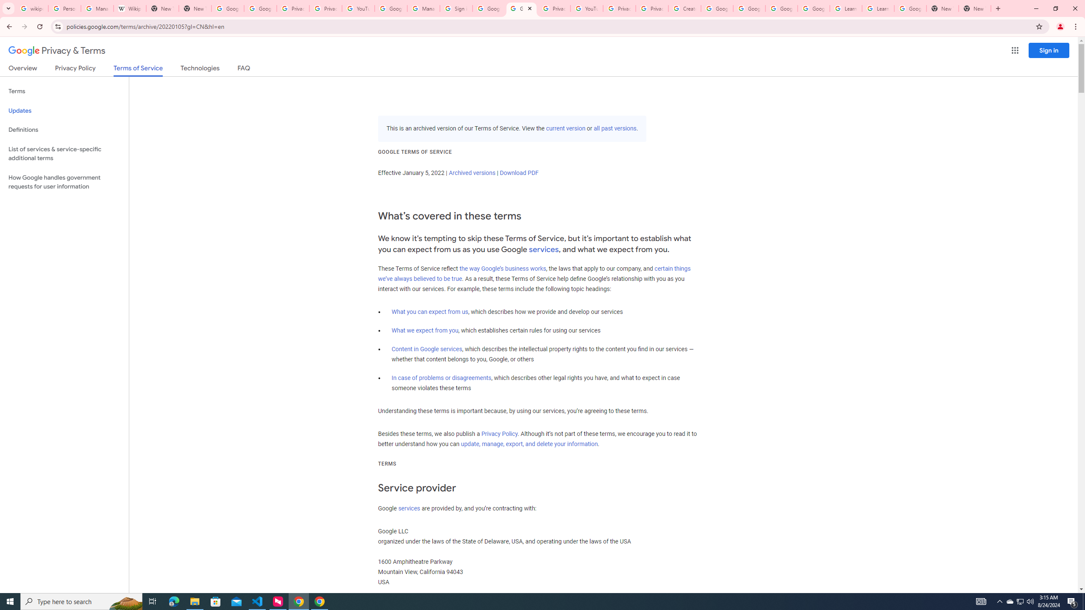 The width and height of the screenshot is (1085, 610). What do you see at coordinates (717, 8) in the screenshot?
I see `'Google Account Help'` at bounding box center [717, 8].